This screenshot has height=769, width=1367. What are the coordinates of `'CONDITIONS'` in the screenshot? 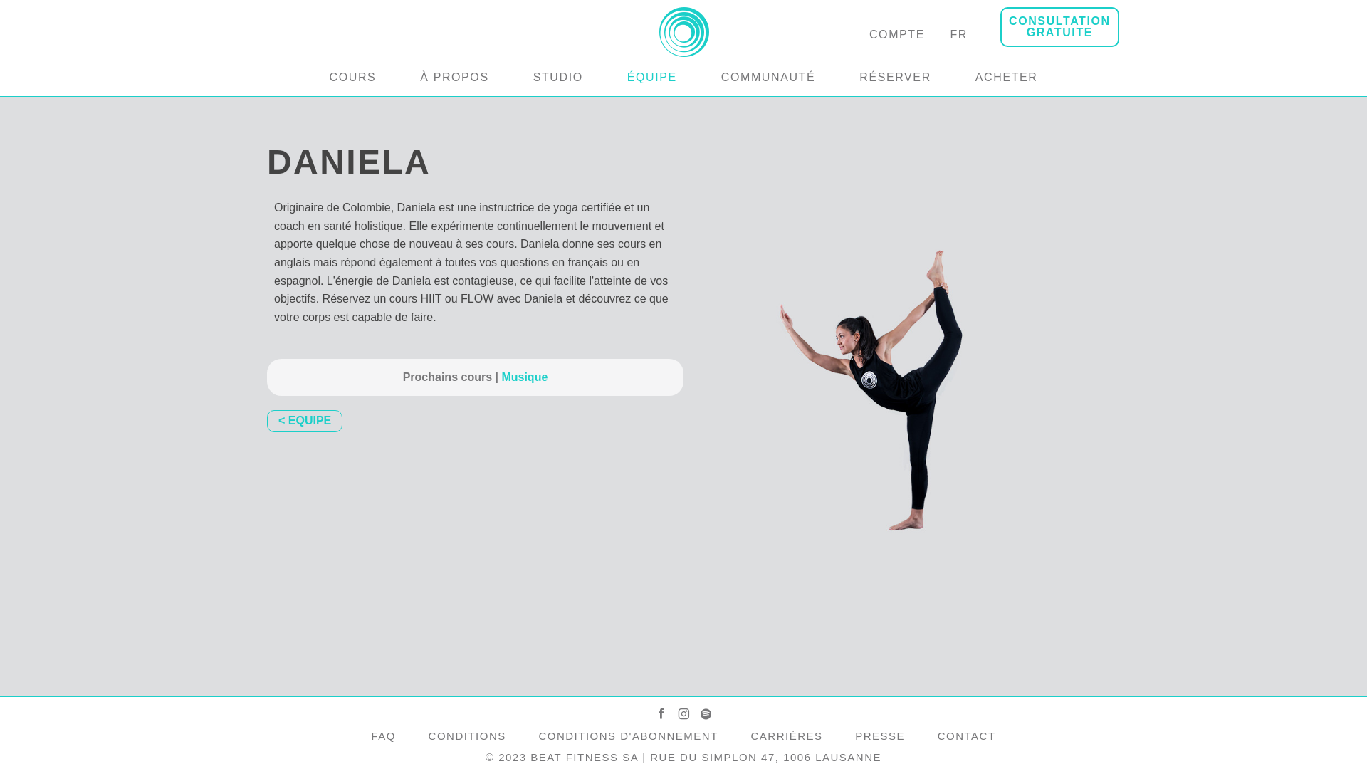 It's located at (467, 736).